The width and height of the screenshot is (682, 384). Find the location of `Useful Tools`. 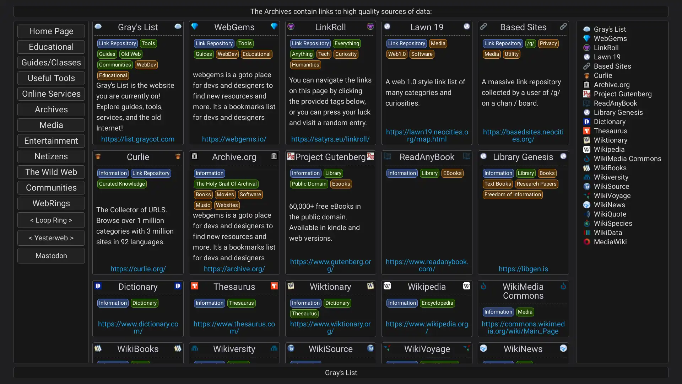

Useful Tools is located at coordinates (51, 78).